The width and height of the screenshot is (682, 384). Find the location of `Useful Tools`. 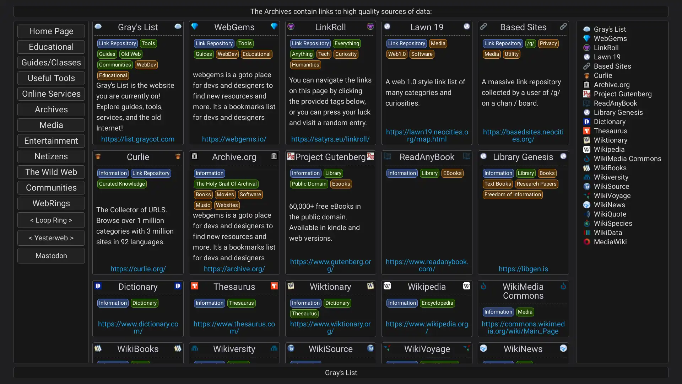

Useful Tools is located at coordinates (51, 78).